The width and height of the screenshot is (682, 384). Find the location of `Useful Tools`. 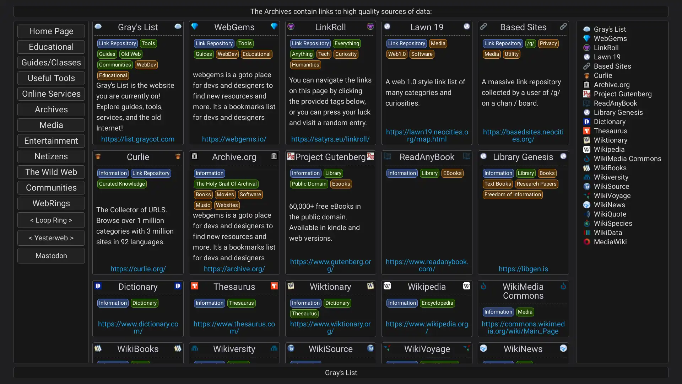

Useful Tools is located at coordinates (51, 78).